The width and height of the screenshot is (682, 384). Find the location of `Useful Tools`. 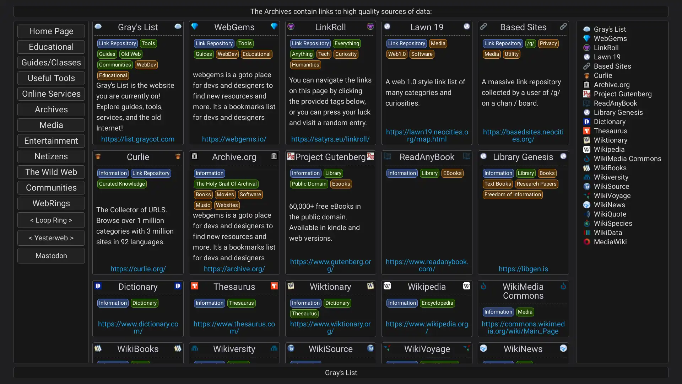

Useful Tools is located at coordinates (51, 78).